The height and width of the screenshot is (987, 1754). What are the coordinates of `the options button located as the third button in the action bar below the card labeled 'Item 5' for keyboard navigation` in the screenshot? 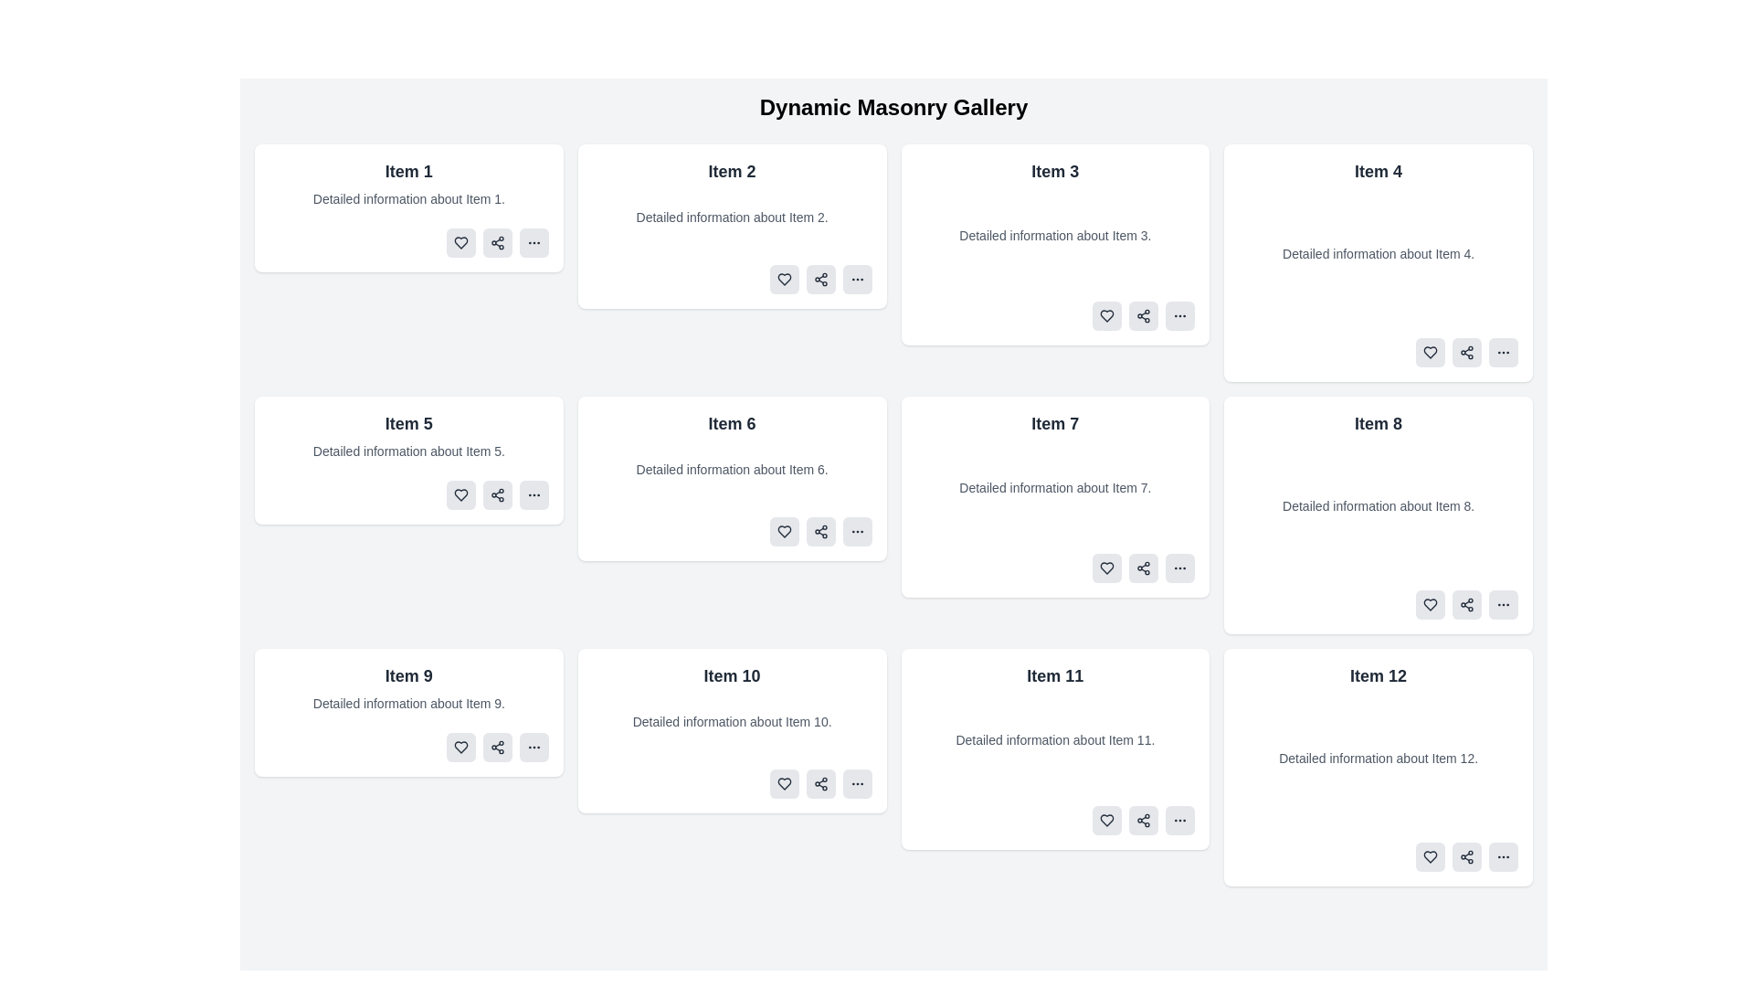 It's located at (533, 495).